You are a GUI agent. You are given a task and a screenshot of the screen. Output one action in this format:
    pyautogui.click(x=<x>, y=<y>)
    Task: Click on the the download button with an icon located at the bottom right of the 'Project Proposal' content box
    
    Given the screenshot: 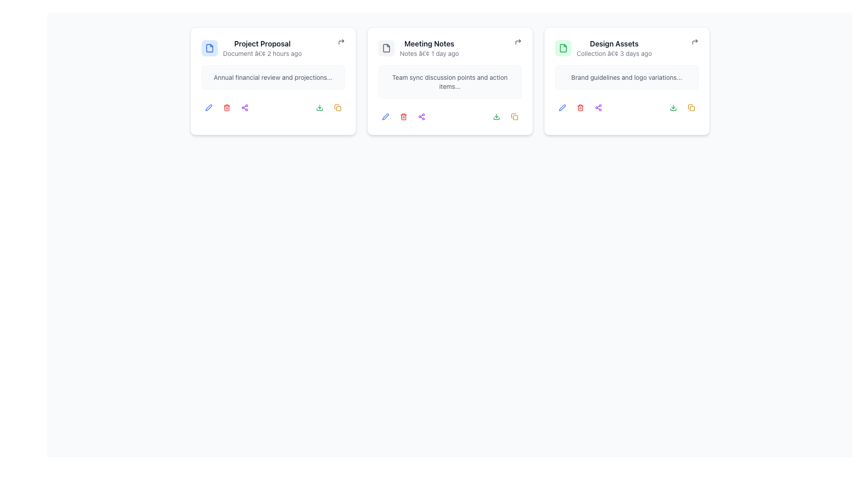 What is the action you would take?
    pyautogui.click(x=319, y=107)
    